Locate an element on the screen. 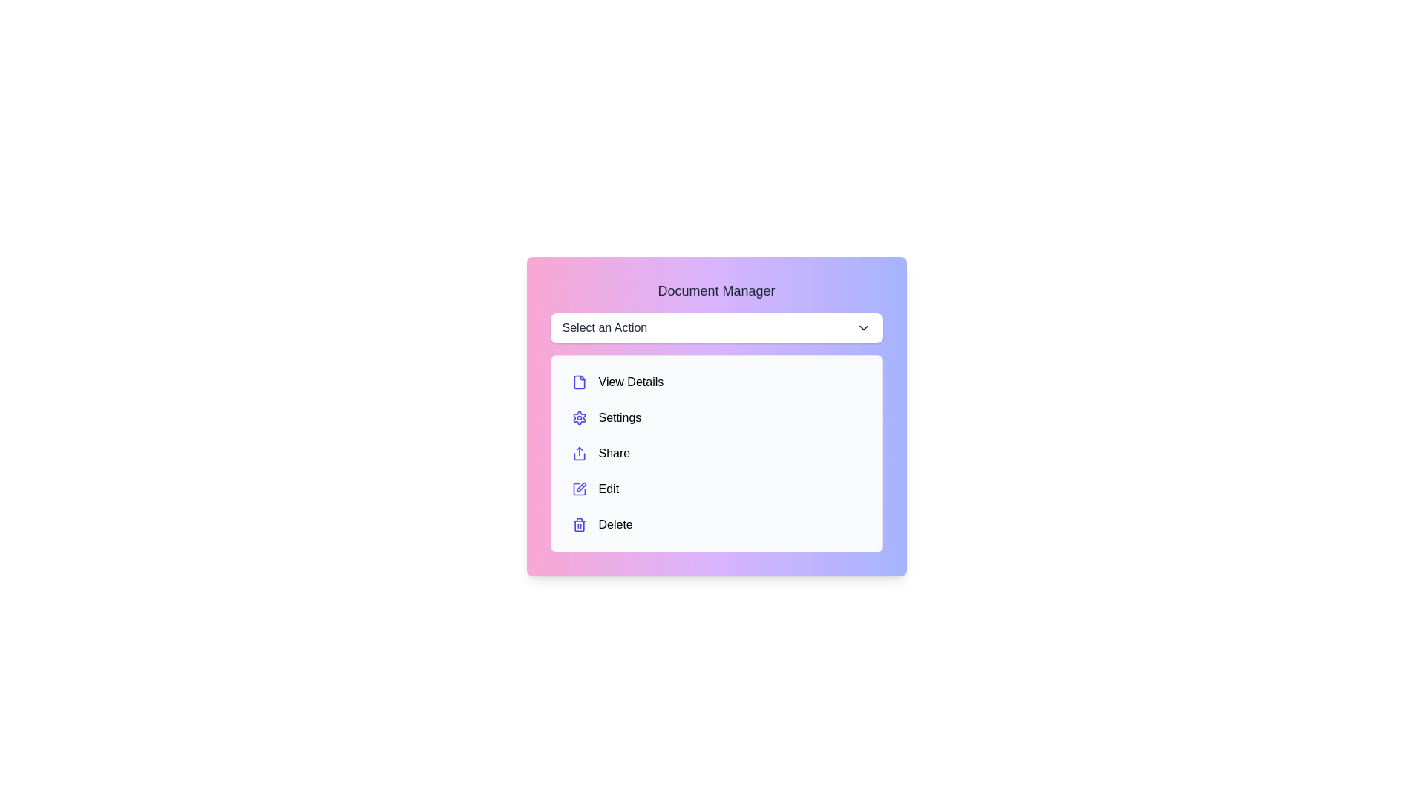  the pen-shaped edit icon located at the bottom-left of the icon group labeled 'Edit' to initiate an edit action is located at coordinates (580, 487).